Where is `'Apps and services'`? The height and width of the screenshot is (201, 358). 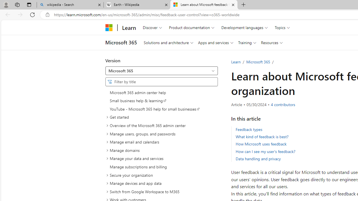
'Apps and services' is located at coordinates (215, 42).